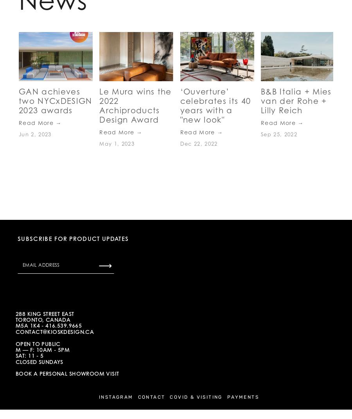 The width and height of the screenshot is (352, 419). I want to click on 'Covid & Visiting', so click(196, 397).